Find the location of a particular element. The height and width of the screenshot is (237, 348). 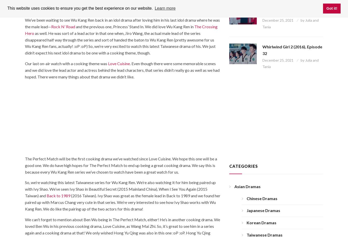

'Categories' is located at coordinates (244, 166).